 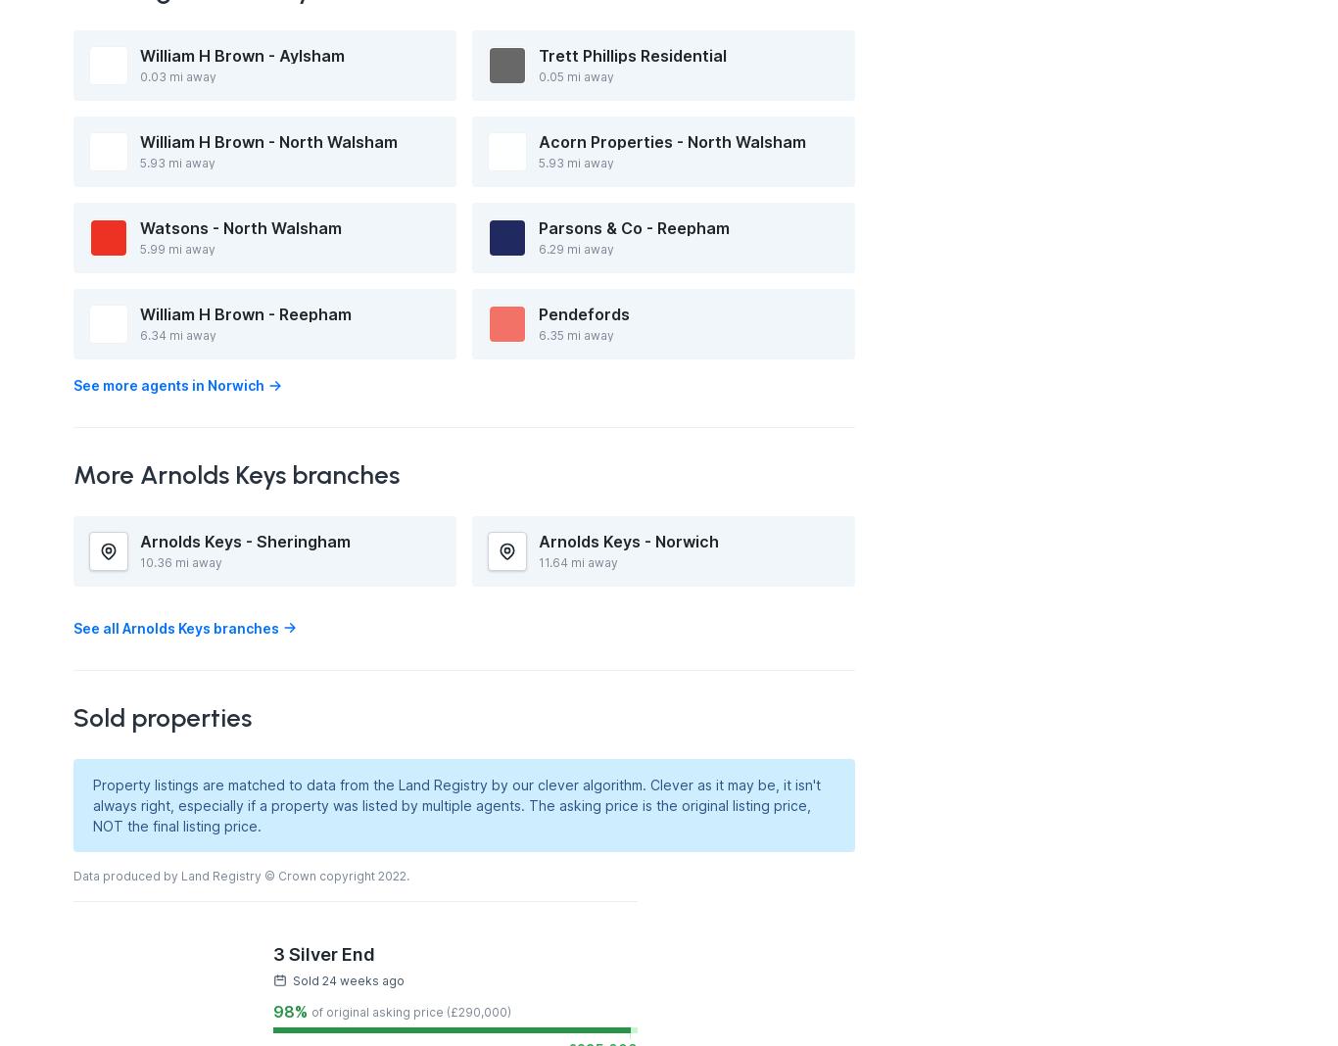 What do you see at coordinates (633, 228) in the screenshot?
I see `'Parsons & Co - Reepham'` at bounding box center [633, 228].